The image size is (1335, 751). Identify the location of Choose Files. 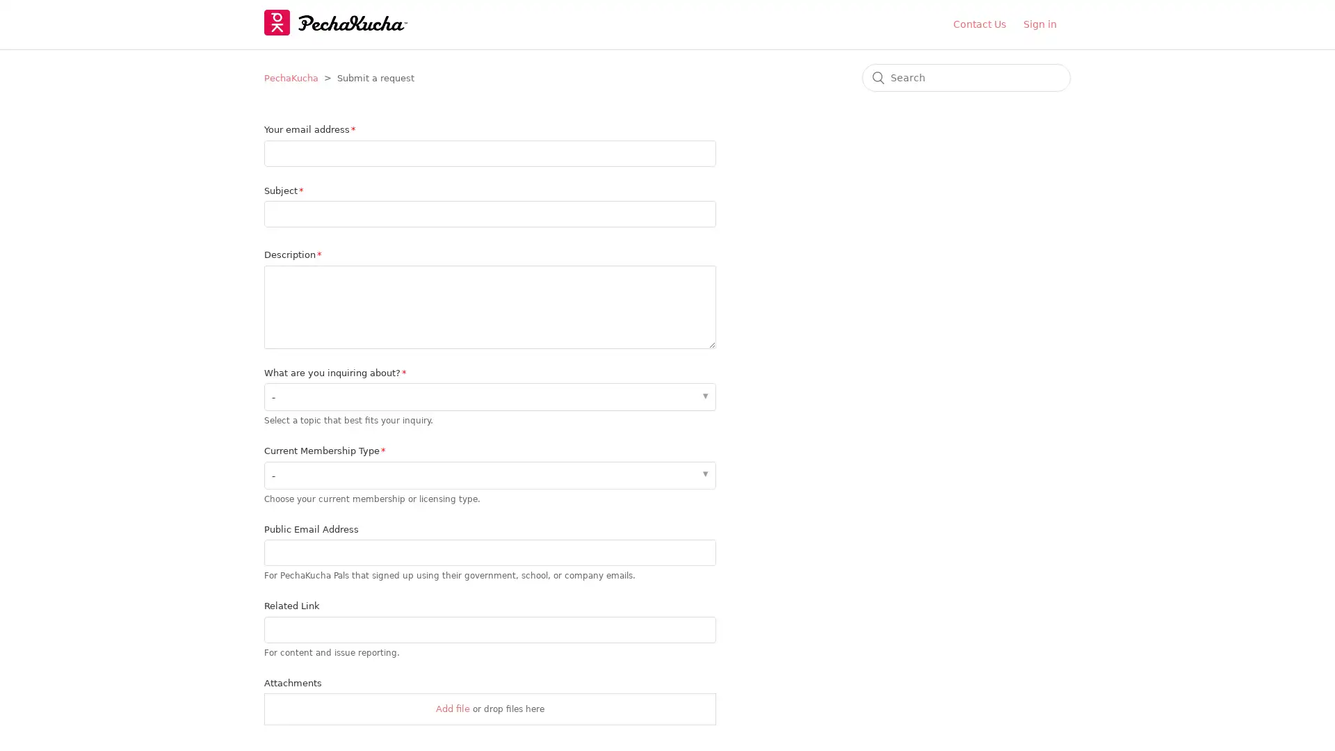
(308, 709).